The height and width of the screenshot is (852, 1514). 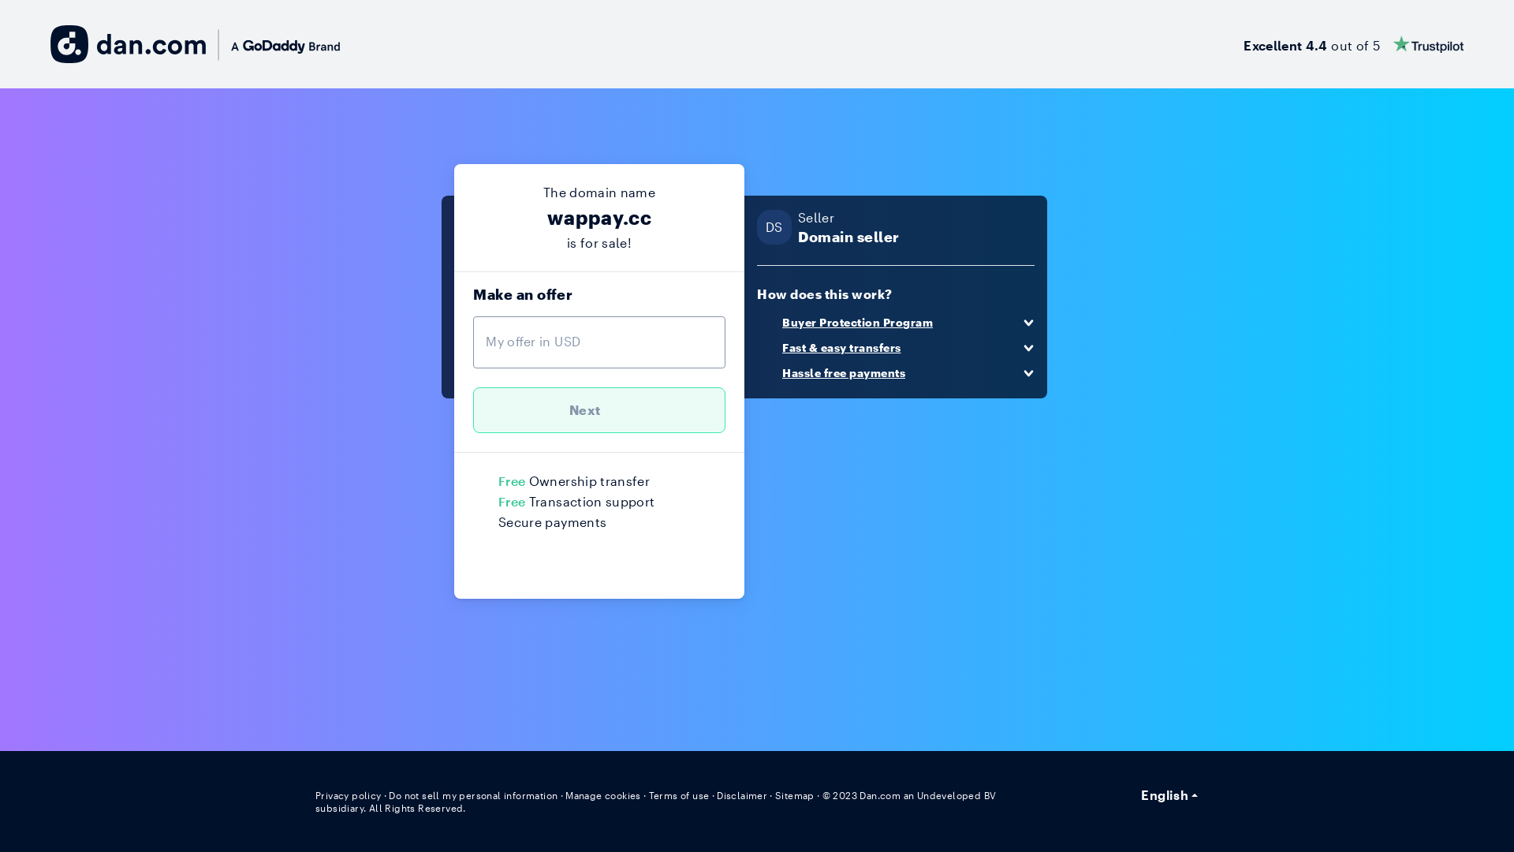 What do you see at coordinates (662, 794) in the screenshot?
I see `'Terms of use'` at bounding box center [662, 794].